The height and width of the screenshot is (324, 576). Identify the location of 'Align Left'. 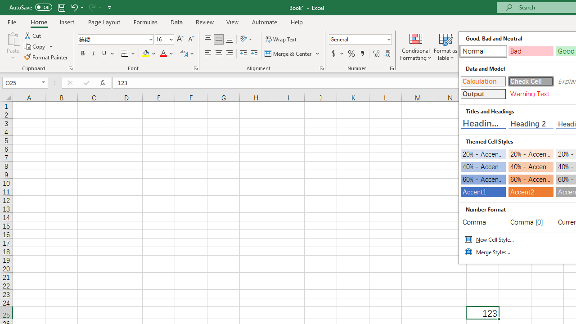
(207, 54).